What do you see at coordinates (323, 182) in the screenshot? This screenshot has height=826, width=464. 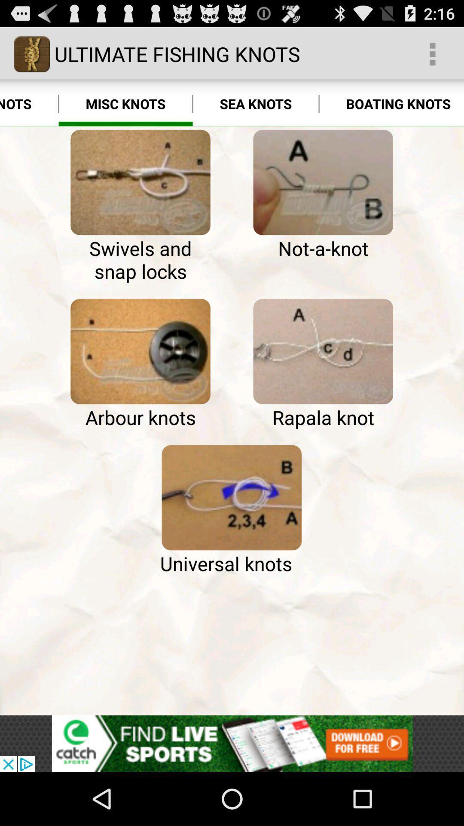 I see `piece of metal with some thread around it` at bounding box center [323, 182].